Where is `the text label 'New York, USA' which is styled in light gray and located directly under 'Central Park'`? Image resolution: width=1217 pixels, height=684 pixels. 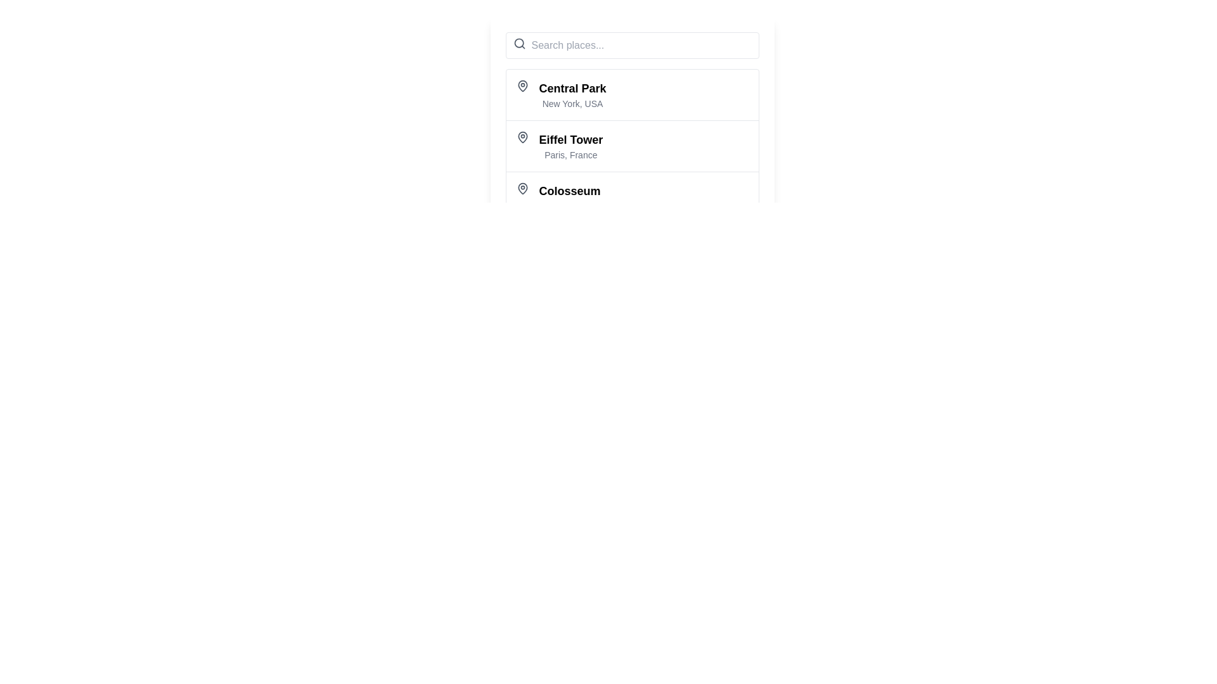 the text label 'New York, USA' which is styled in light gray and located directly under 'Central Park' is located at coordinates (572, 103).